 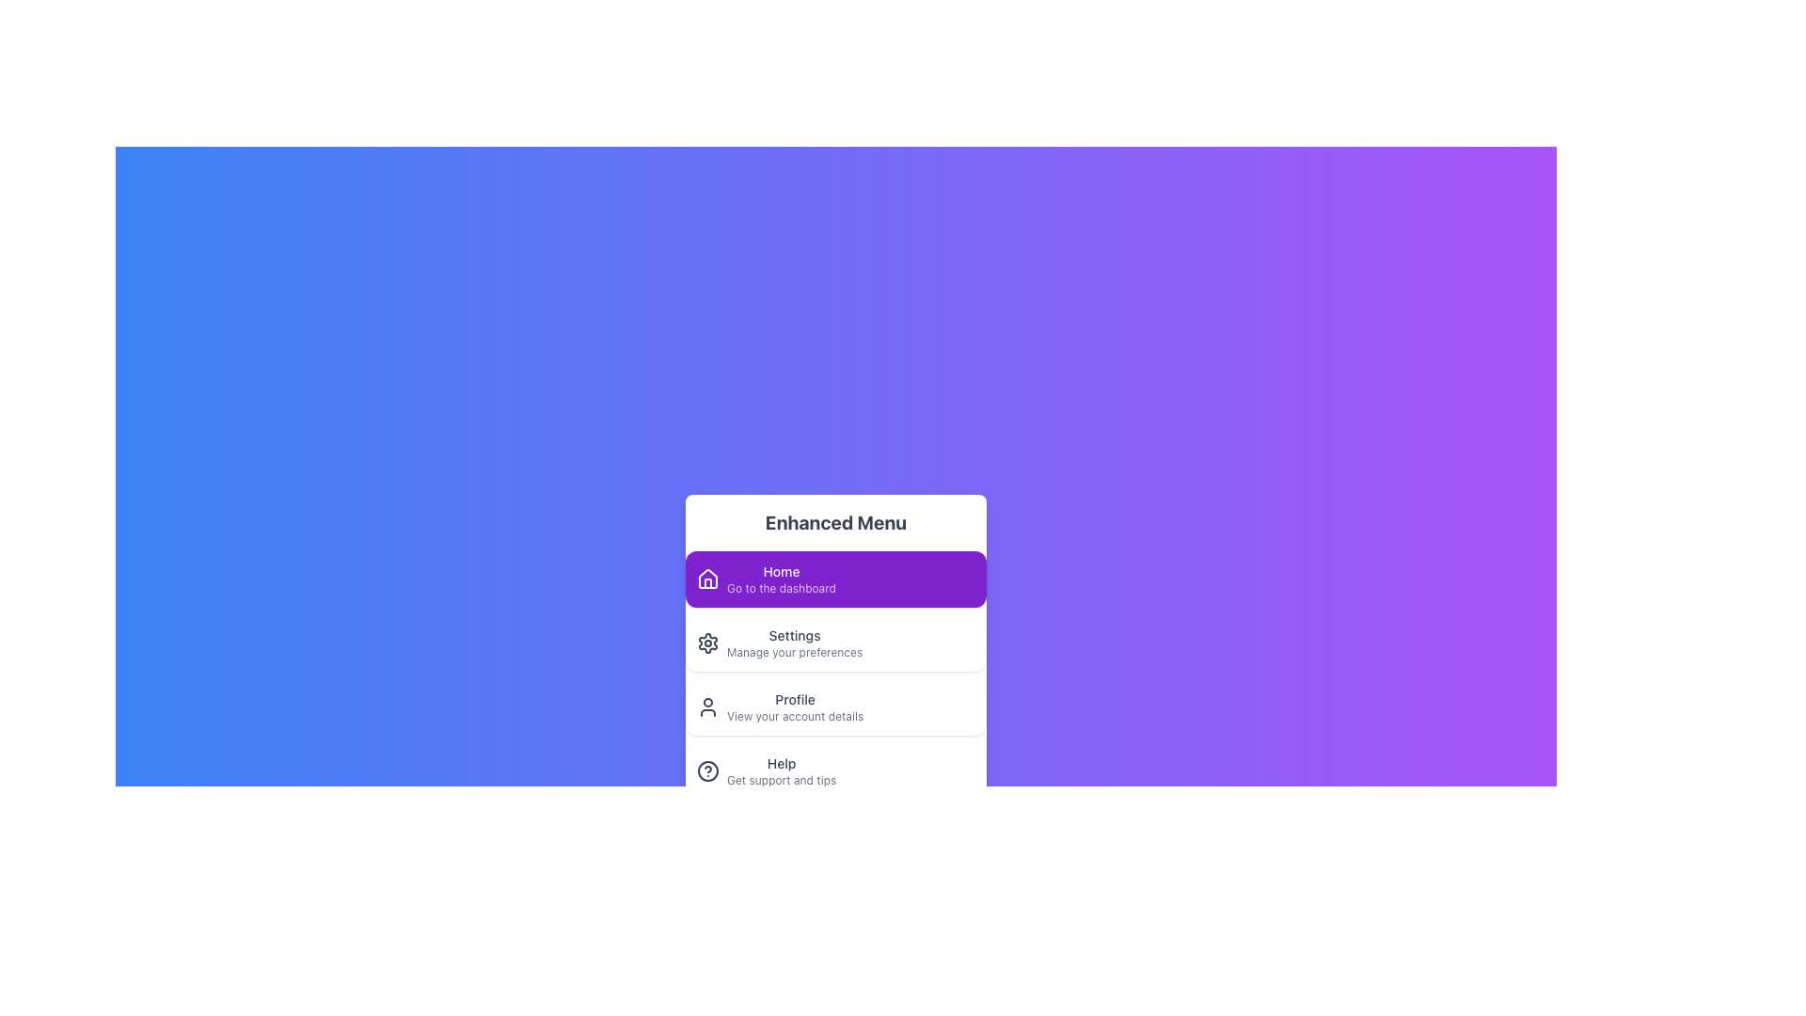 I want to click on the text label that describes the 'Profile' section, positioned as the second line under 'Profile' in the menu panel, so click(x=795, y=717).